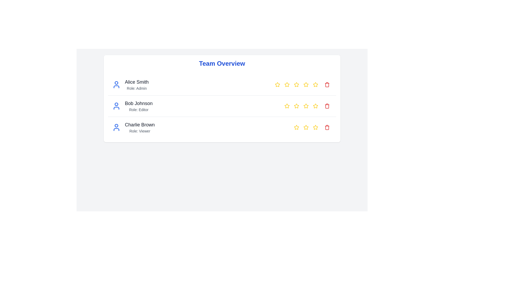 The image size is (507, 285). Describe the element at coordinates (137, 82) in the screenshot. I see `name 'Alice Smith' displayed in the text label representing the user in the first row of the team members list, located to the right of the blue user profile icon and above the 'Role: Admin' label` at that location.